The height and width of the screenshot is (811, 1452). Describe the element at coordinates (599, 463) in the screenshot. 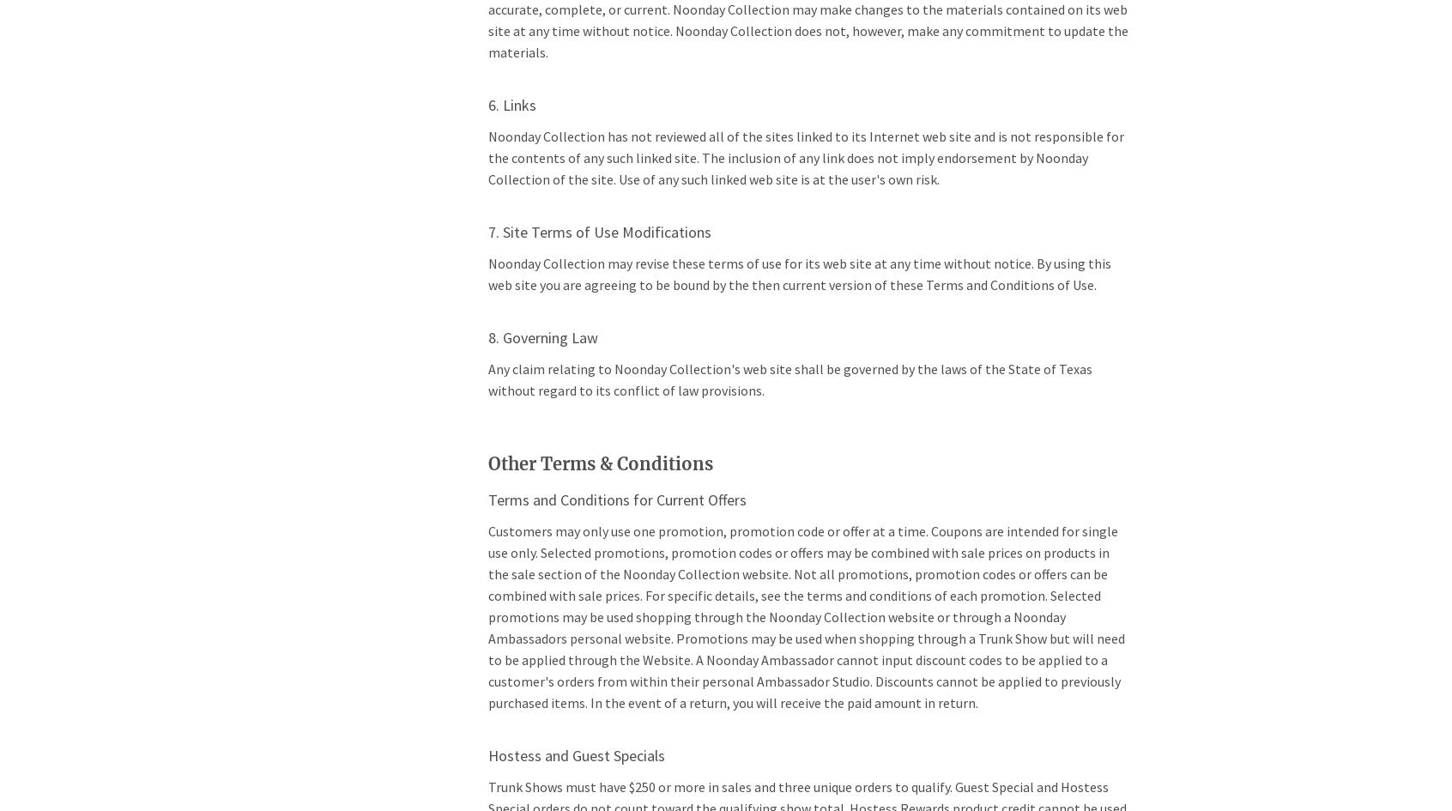

I see `'Other Terms & Conditions'` at that location.